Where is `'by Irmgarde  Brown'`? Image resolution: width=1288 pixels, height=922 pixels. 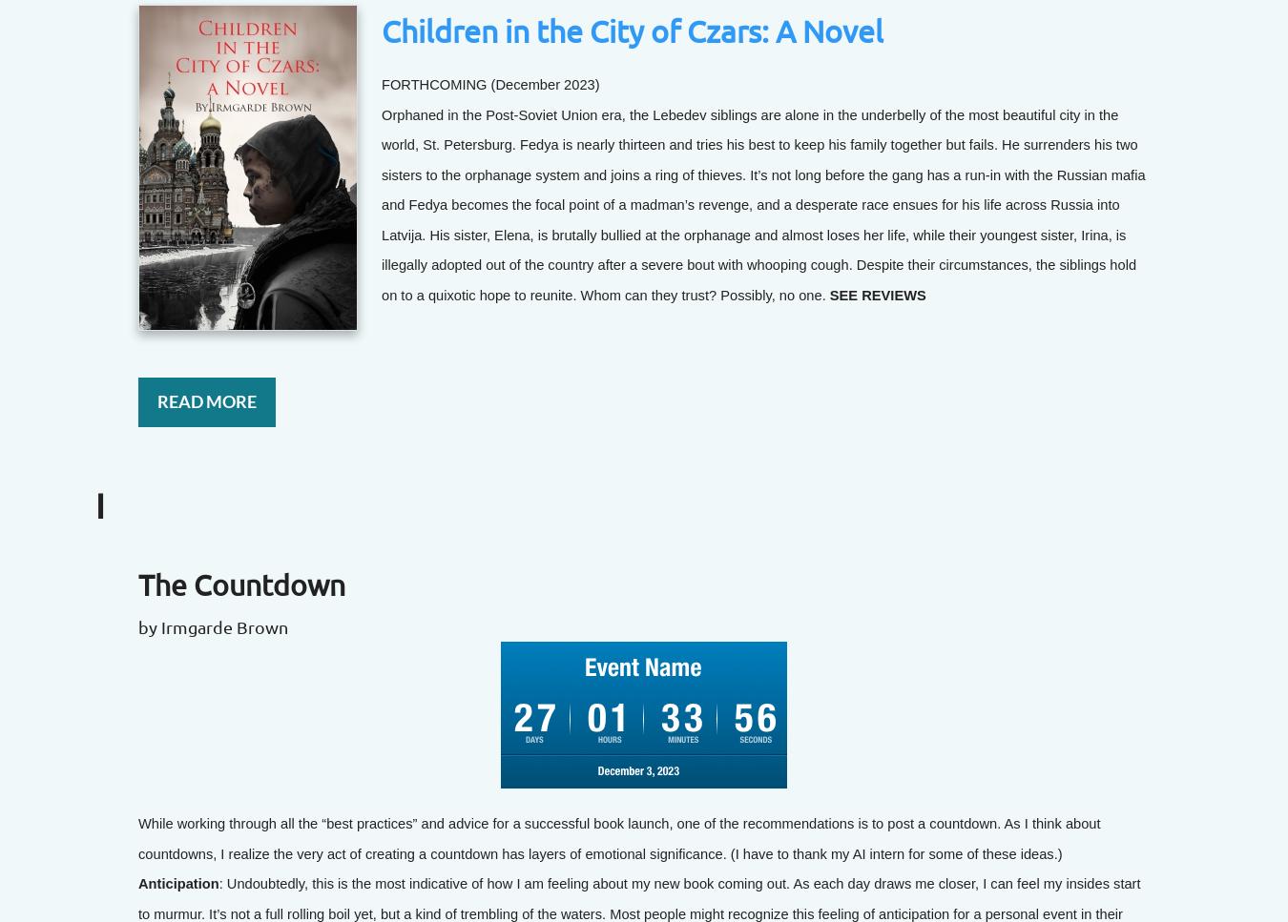 'by Irmgarde  Brown' is located at coordinates (213, 625).